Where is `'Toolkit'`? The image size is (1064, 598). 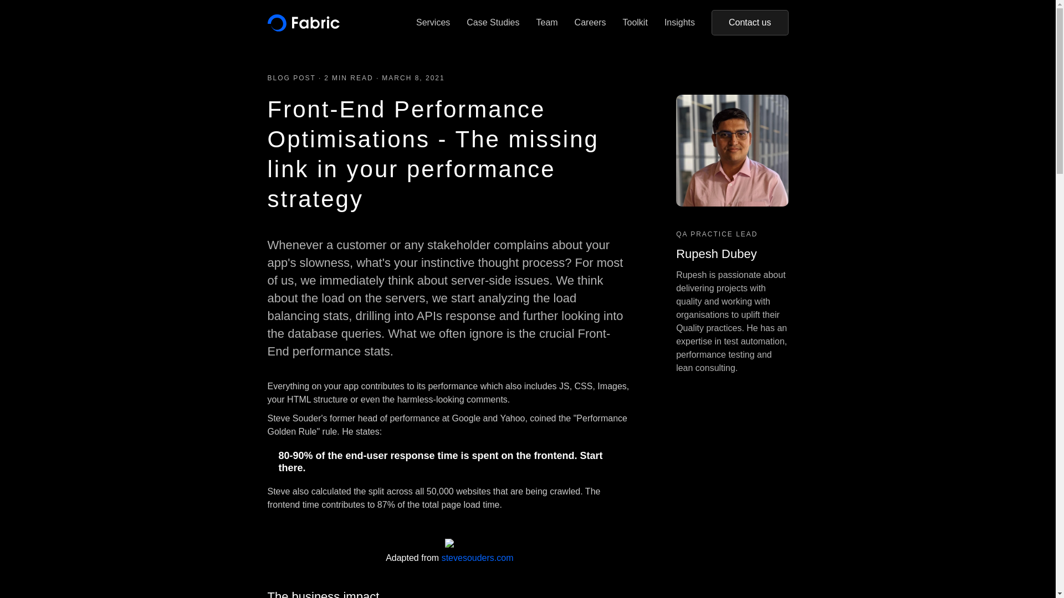 'Toolkit' is located at coordinates (622, 23).